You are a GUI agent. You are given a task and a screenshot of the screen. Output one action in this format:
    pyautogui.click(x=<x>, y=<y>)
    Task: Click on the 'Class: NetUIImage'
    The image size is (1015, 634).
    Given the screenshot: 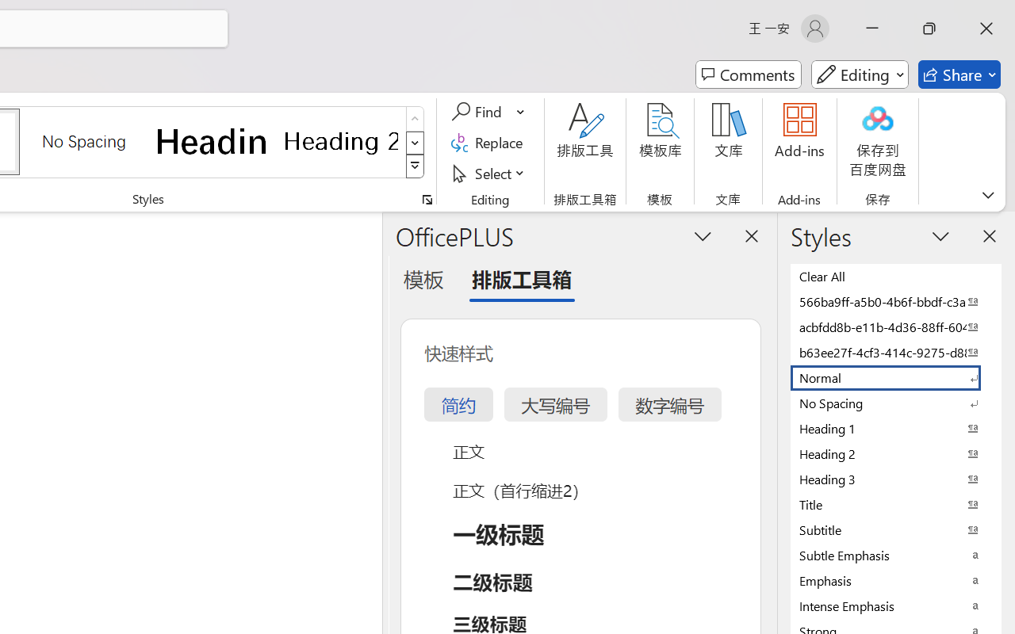 What is the action you would take?
    pyautogui.click(x=416, y=166)
    